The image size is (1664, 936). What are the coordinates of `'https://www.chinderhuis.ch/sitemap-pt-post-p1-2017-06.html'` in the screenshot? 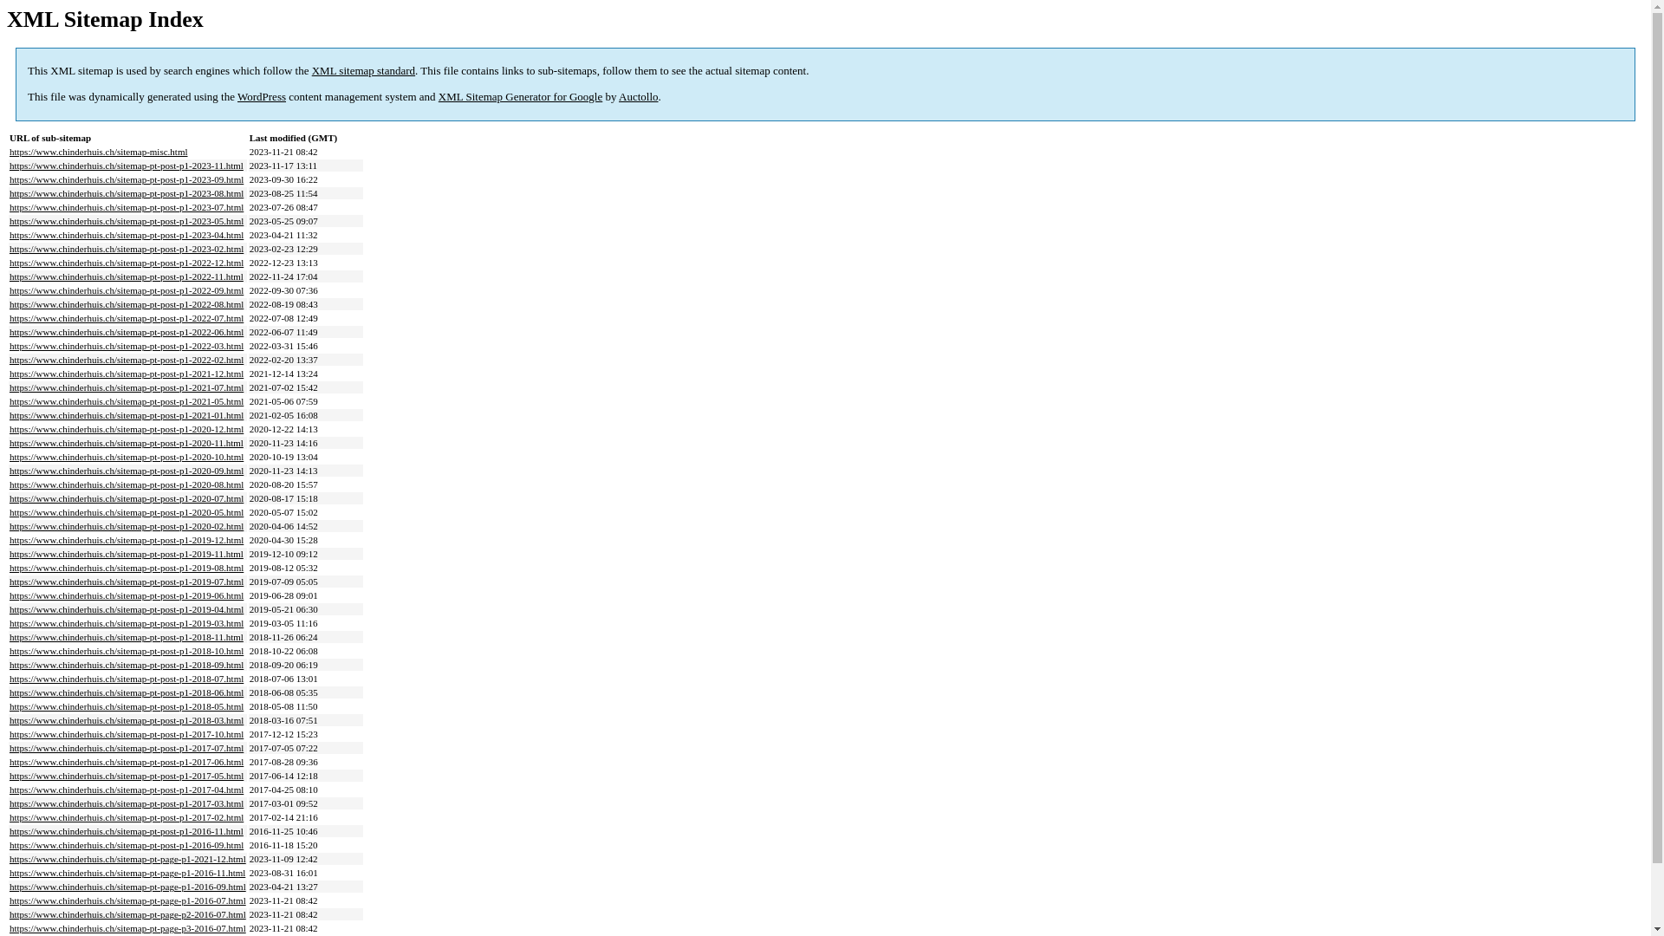 It's located at (125, 761).